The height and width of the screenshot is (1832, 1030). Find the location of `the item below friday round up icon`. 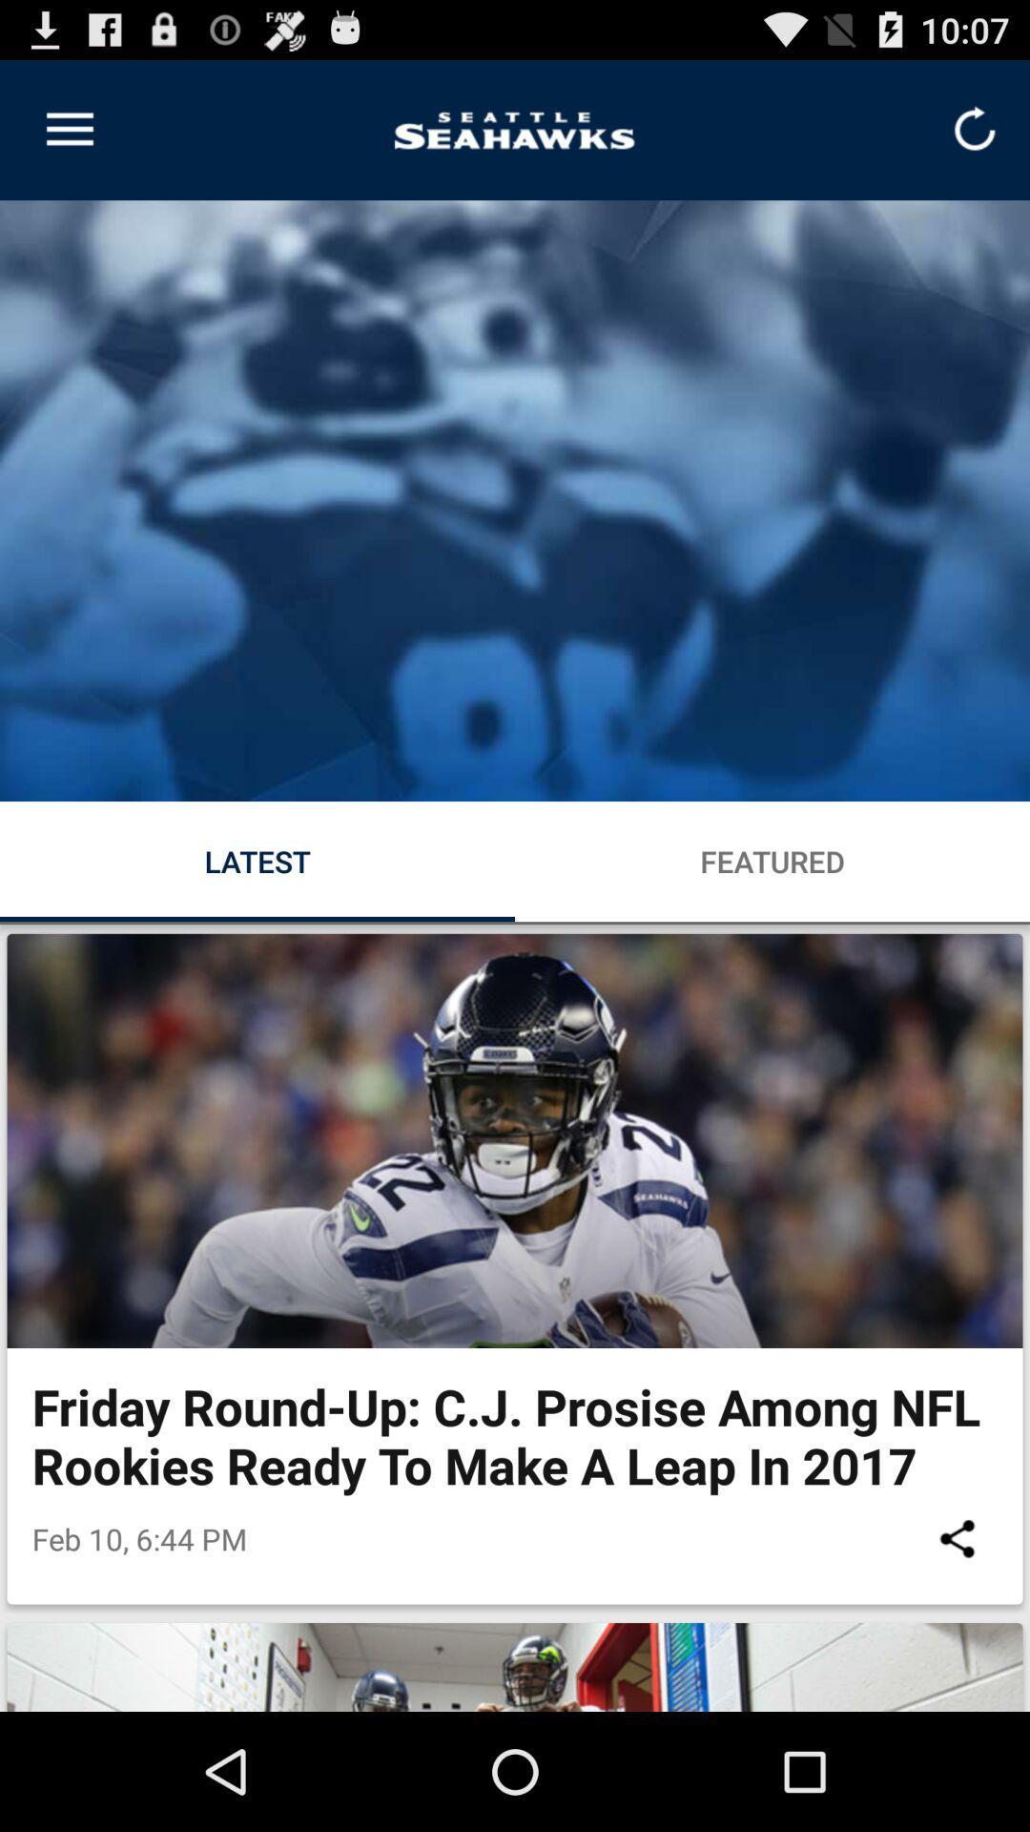

the item below friday round up icon is located at coordinates (957, 1538).